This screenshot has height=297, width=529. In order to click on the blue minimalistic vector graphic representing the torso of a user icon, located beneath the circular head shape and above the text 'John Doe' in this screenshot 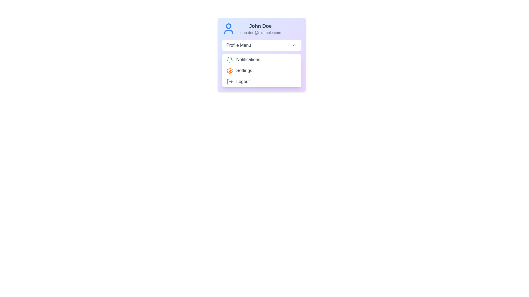, I will do `click(228, 32)`.